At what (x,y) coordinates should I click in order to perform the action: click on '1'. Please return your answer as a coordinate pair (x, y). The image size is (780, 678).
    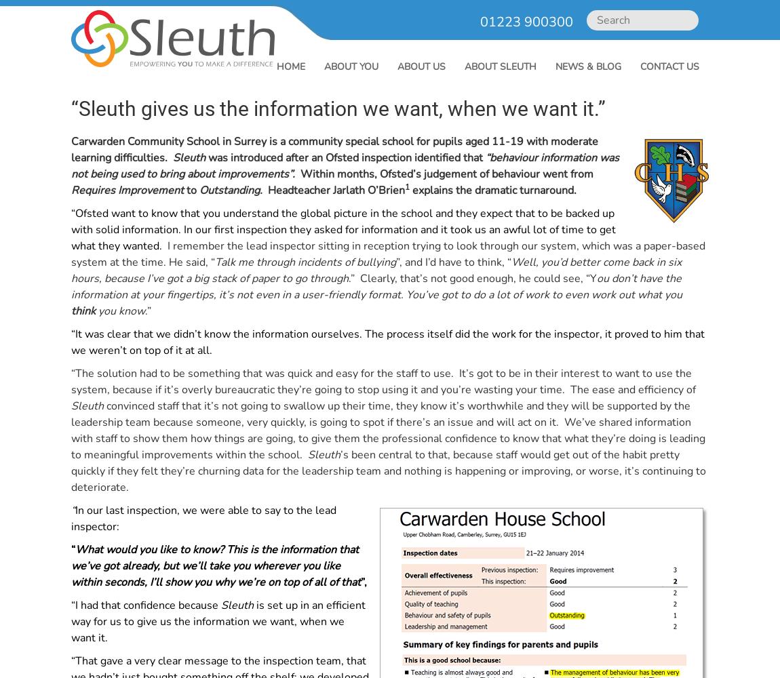
    Looking at the image, I should click on (406, 187).